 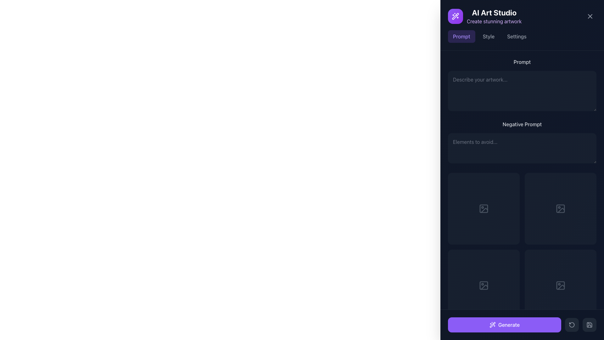 I want to click on the Placeholder button located in the top-left quadrant of the grid layout, which allows users to interact with it for selecting or uploading an image, so click(x=483, y=209).